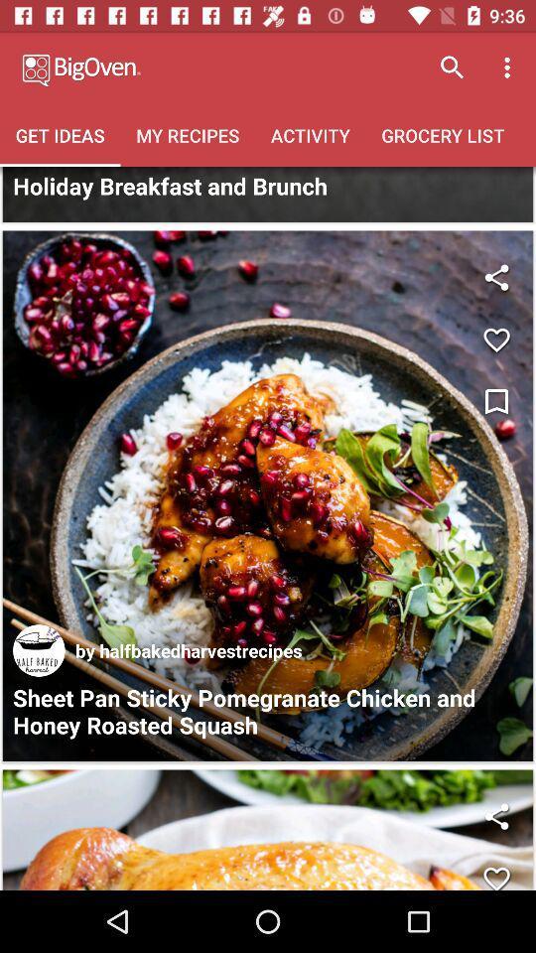 The height and width of the screenshot is (953, 536). I want to click on the icon above sheet pan sticky icon, so click(39, 649).